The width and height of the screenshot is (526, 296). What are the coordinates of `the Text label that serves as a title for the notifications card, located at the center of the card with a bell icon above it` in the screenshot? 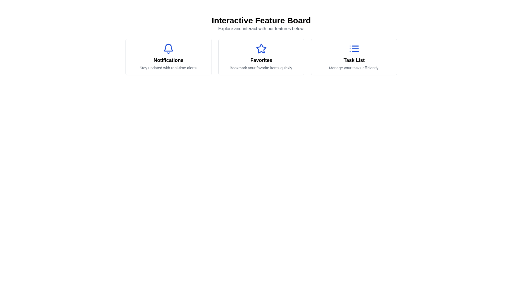 It's located at (168, 60).